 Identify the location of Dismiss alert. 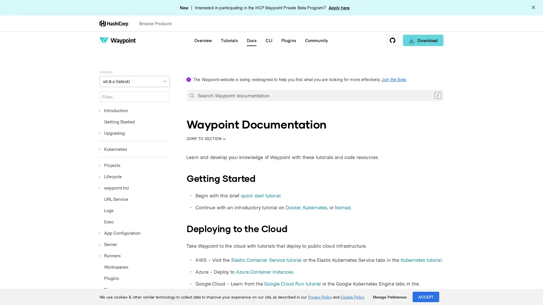
(533, 8).